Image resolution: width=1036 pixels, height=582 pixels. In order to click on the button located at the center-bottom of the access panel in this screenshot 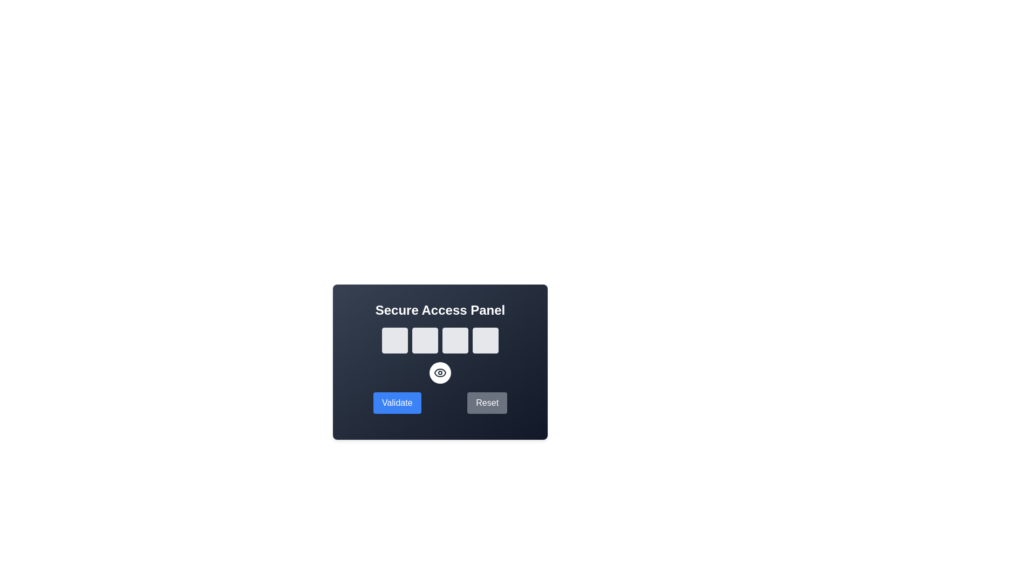, I will do `click(440, 372)`.